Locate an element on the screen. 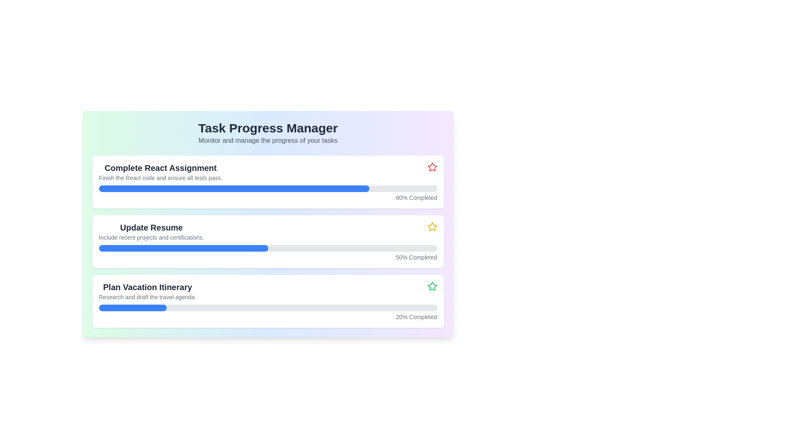 This screenshot has width=796, height=447. task progress is located at coordinates (285, 308).